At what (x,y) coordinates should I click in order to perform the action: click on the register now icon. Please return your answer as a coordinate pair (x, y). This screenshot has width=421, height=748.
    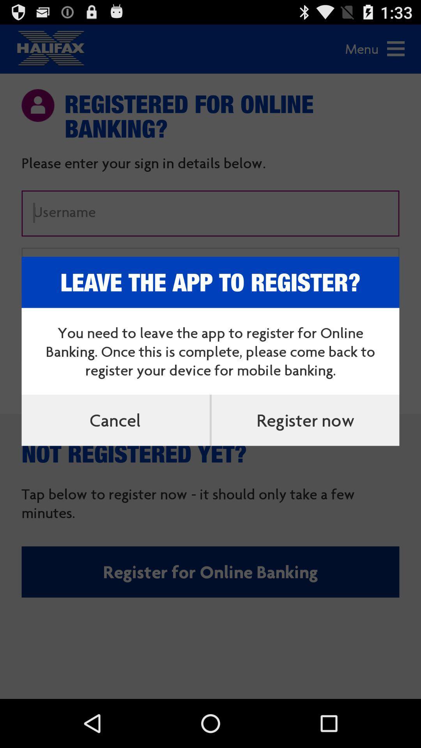
    Looking at the image, I should click on (305, 420).